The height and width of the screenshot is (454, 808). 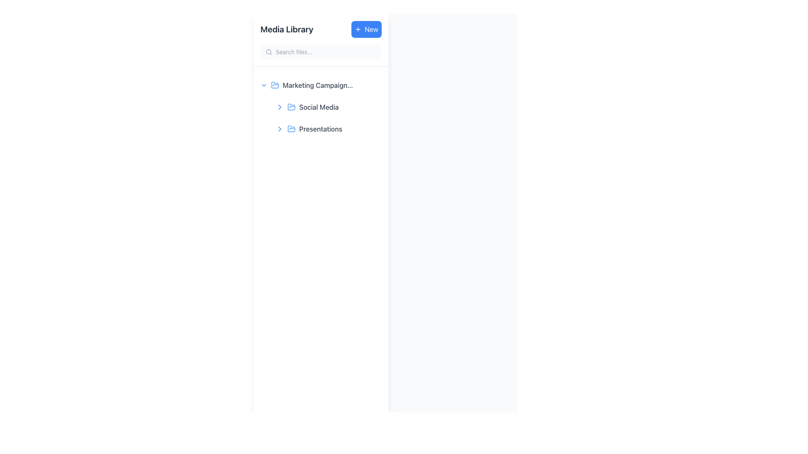 I want to click on the 'Presentations' text label, which is styled in medium gray font and, so click(x=314, y=129).